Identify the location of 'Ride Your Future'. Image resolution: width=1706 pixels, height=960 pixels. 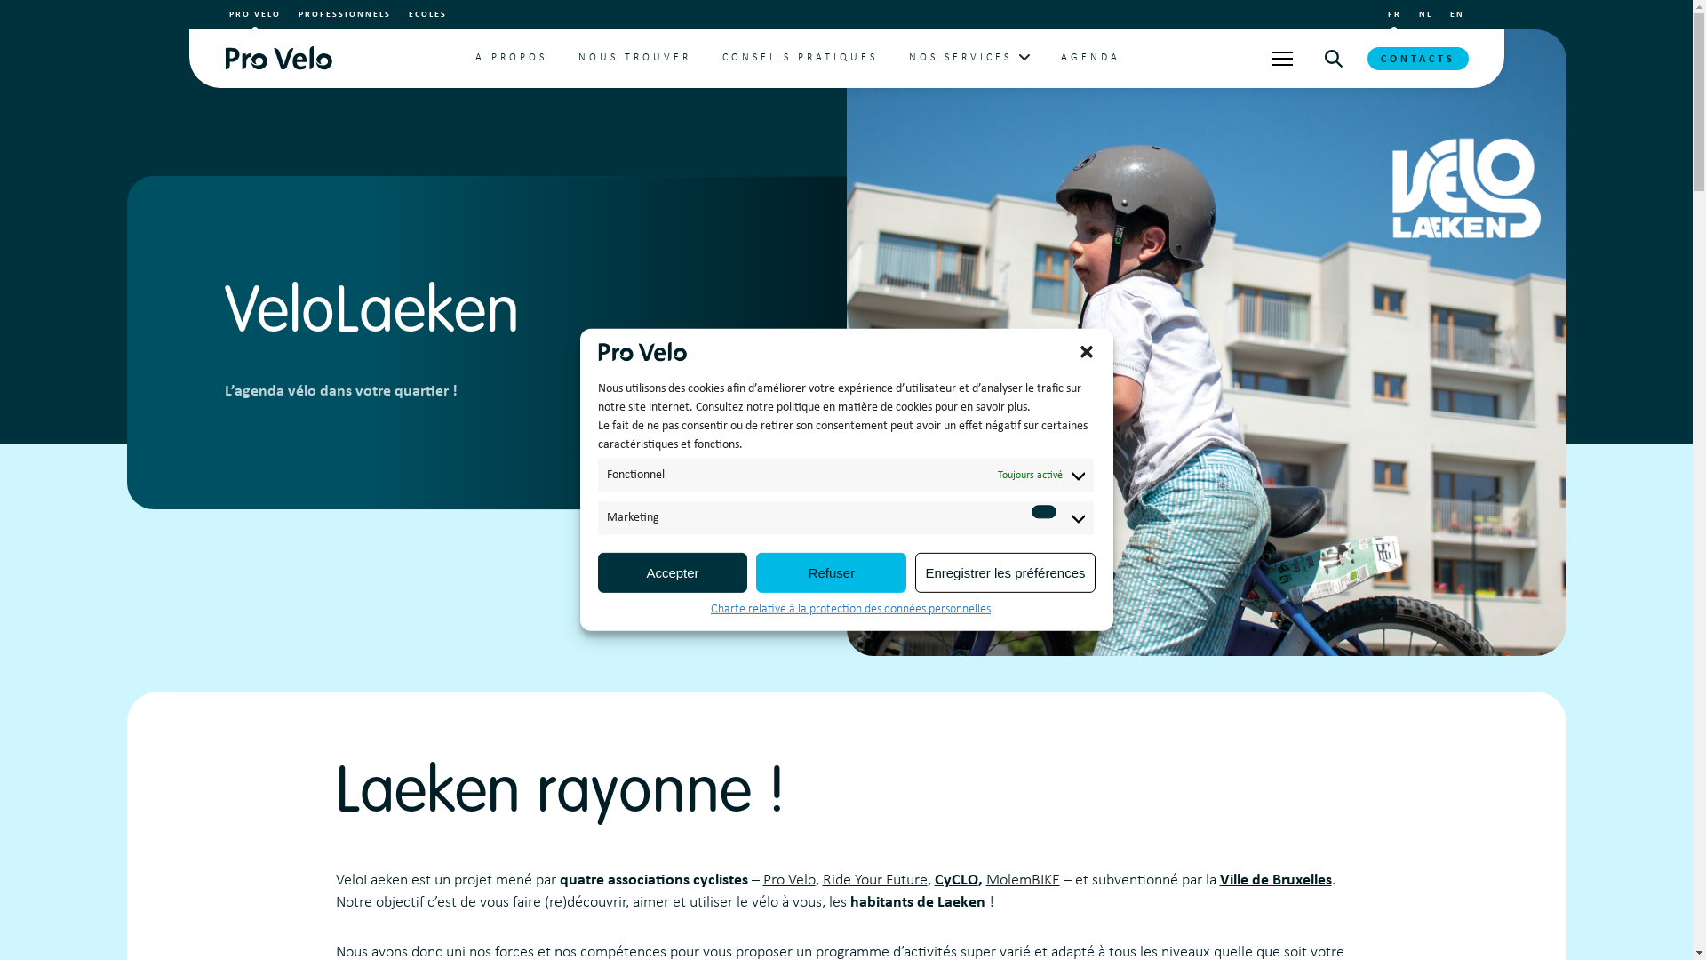
(822, 880).